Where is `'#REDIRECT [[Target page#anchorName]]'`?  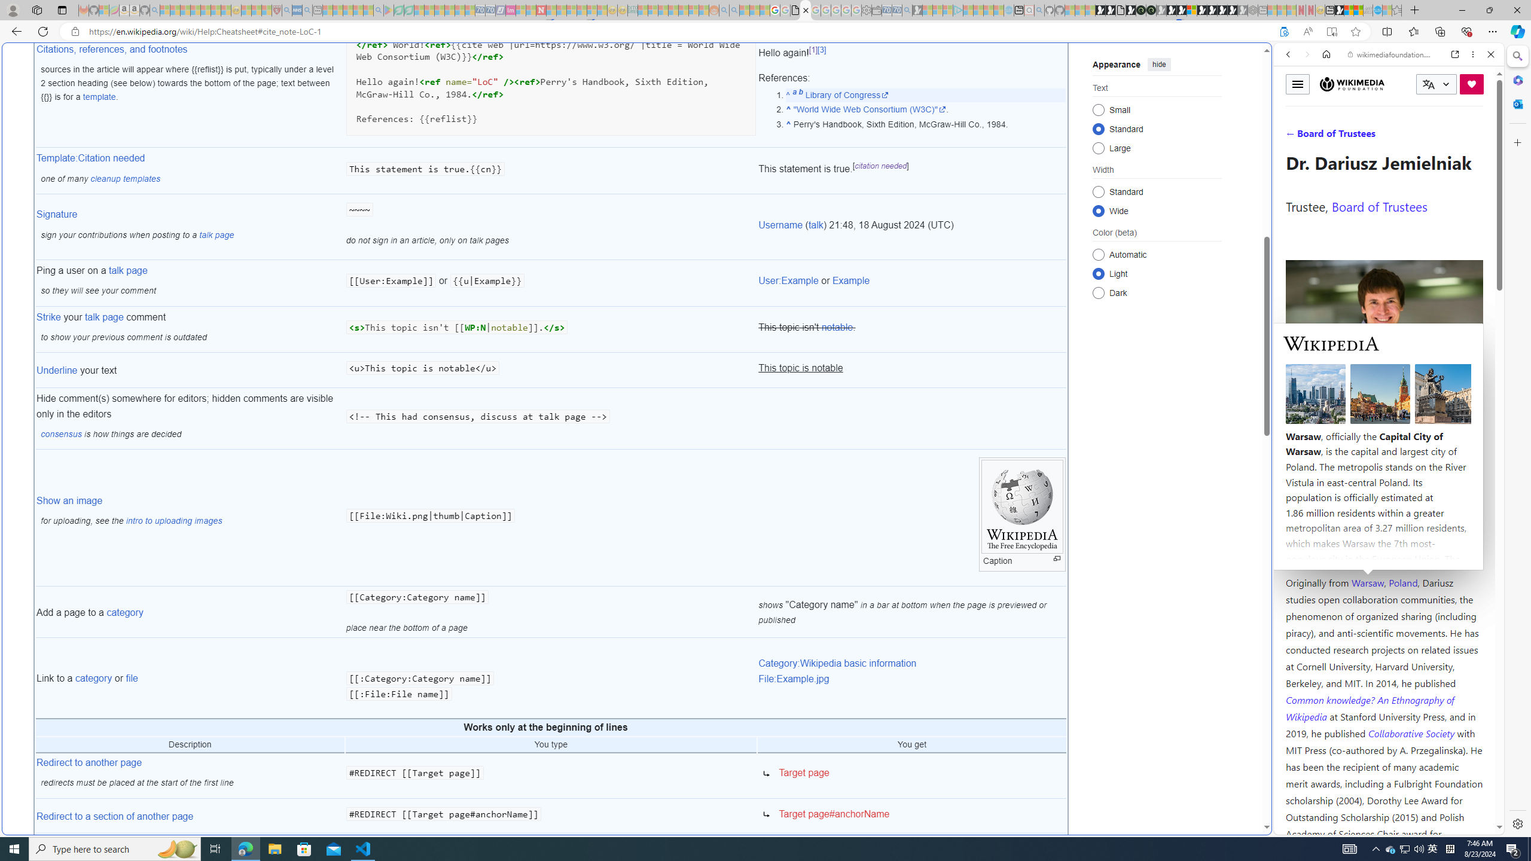
'#REDIRECT [[Target page#anchorName]]' is located at coordinates (551, 816).